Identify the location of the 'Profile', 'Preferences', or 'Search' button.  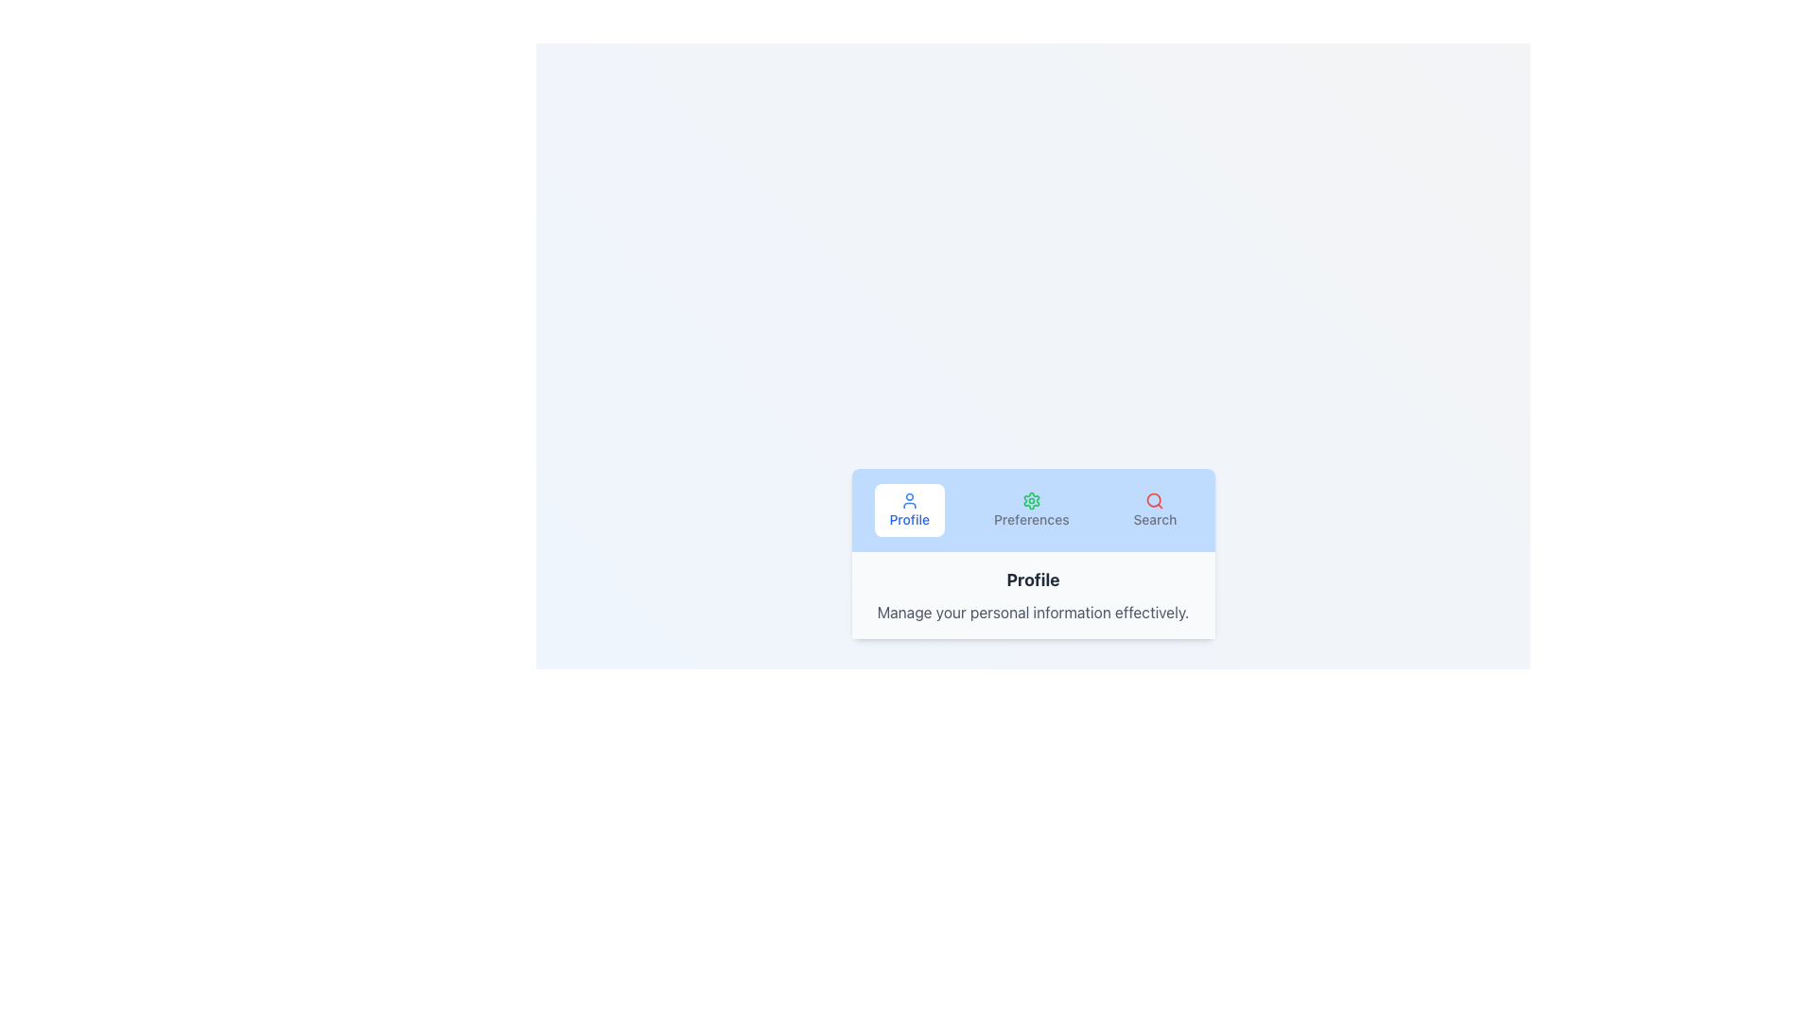
(1032, 510).